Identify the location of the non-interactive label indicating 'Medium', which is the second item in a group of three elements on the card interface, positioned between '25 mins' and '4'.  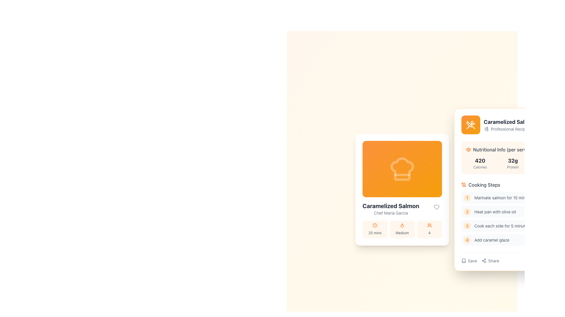
(402, 229).